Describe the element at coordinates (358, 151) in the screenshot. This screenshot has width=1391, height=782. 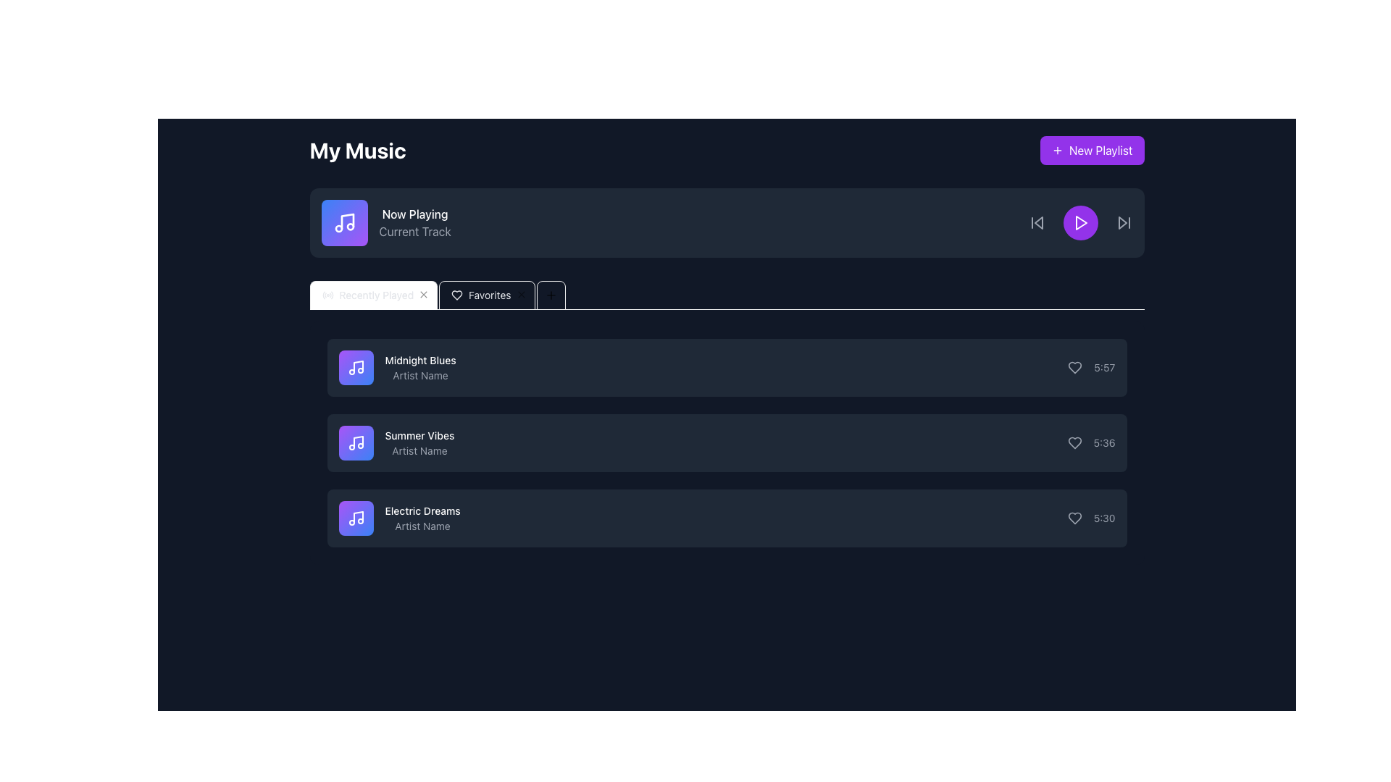
I see `the static text or heading that serves as the title for the current page, indicating 'My Music', located on the top-left side of the interface` at that location.